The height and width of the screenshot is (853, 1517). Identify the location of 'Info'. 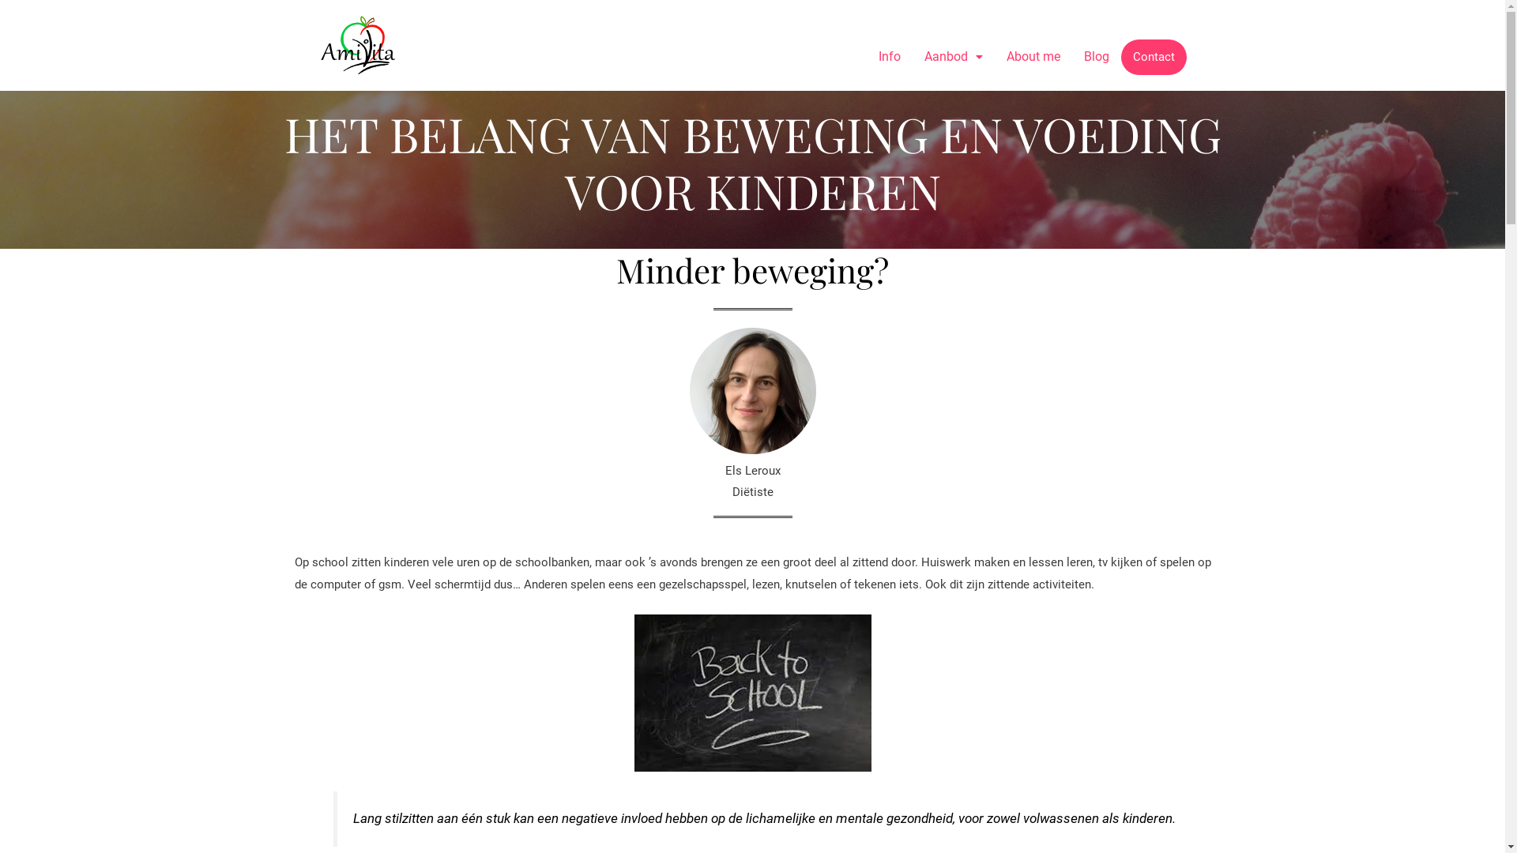
(890, 56).